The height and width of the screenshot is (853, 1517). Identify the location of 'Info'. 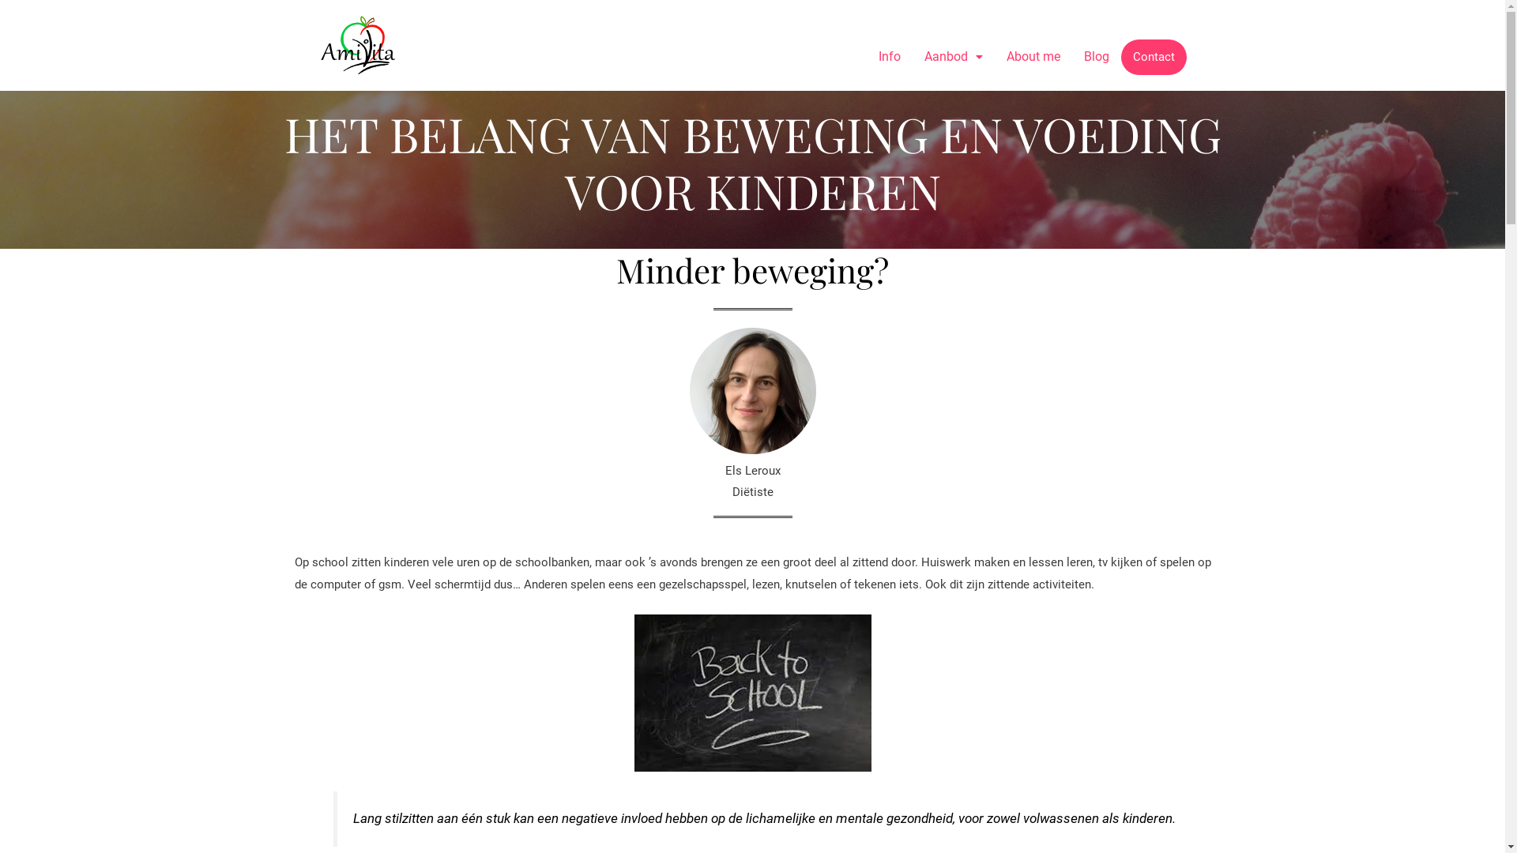
(890, 56).